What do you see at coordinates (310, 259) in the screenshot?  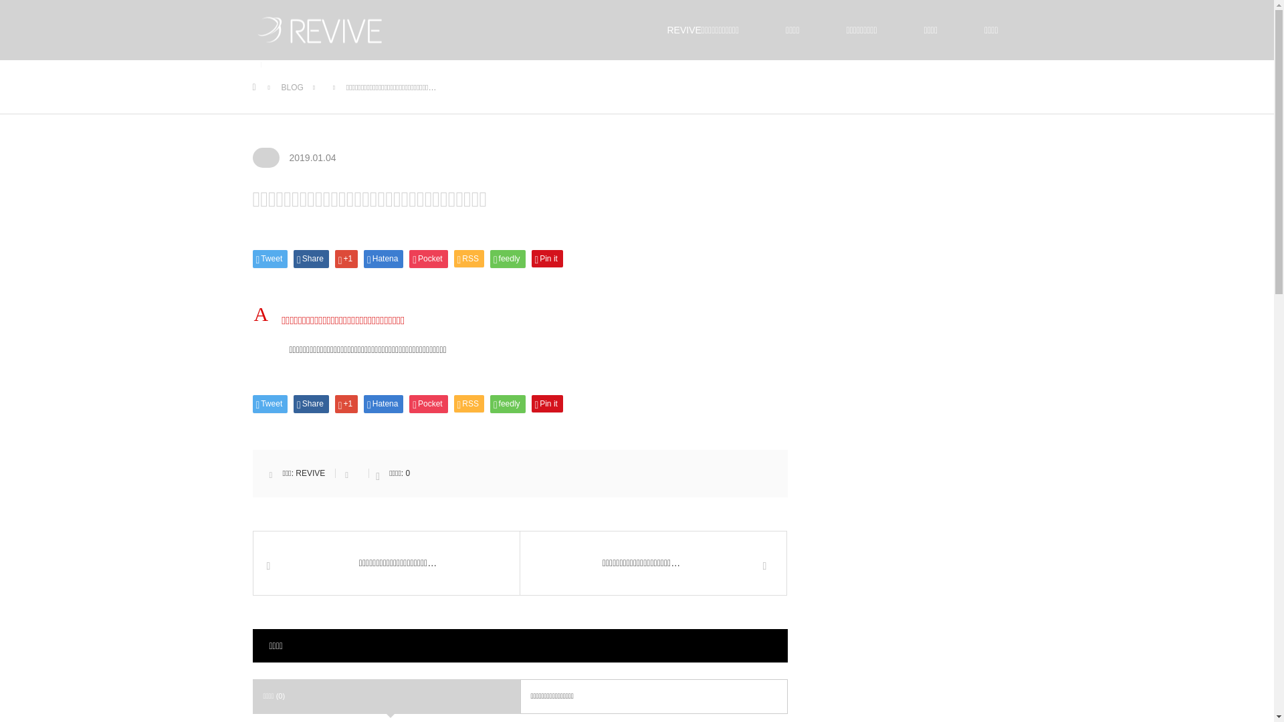 I see `'Share'` at bounding box center [310, 259].